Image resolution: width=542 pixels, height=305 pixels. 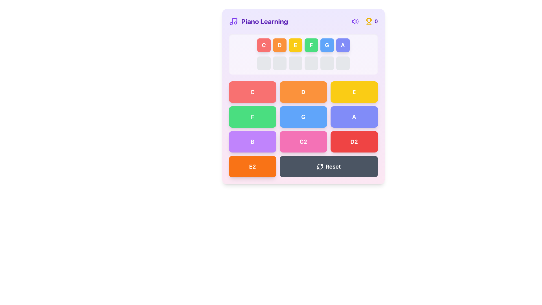 I want to click on the musical note 'F' button in the piano learning application, which is the fourth button from the left in the upper row below the header labeled 'Piano Learning', so click(x=311, y=45).